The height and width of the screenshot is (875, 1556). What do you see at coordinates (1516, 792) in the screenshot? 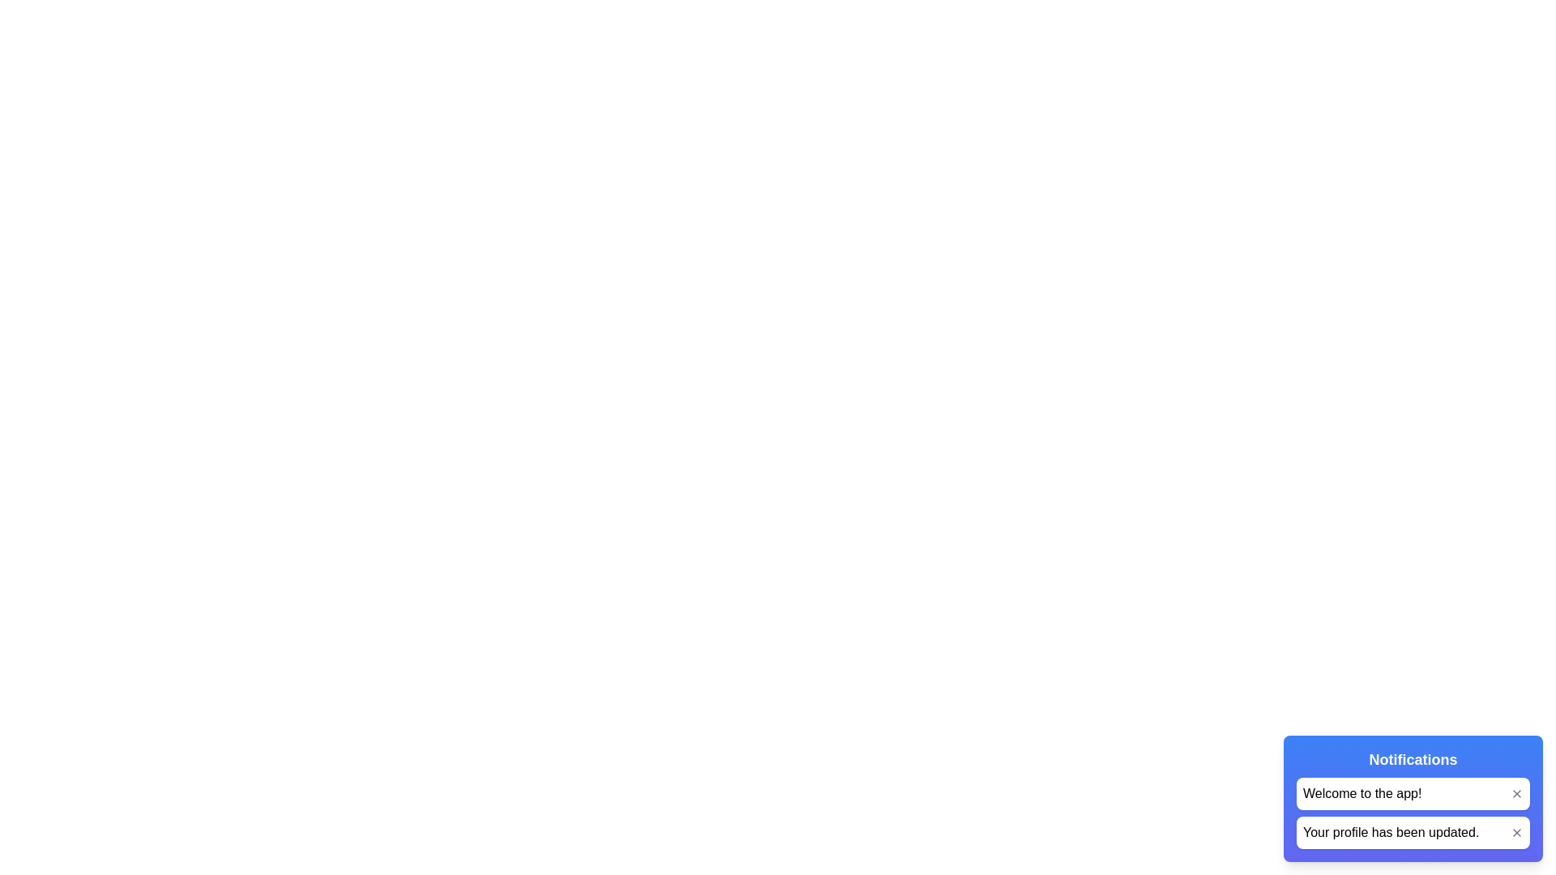
I see `the close button located in the upper-right corner of the notification card that has the text 'Welcome to the app!'` at bounding box center [1516, 792].